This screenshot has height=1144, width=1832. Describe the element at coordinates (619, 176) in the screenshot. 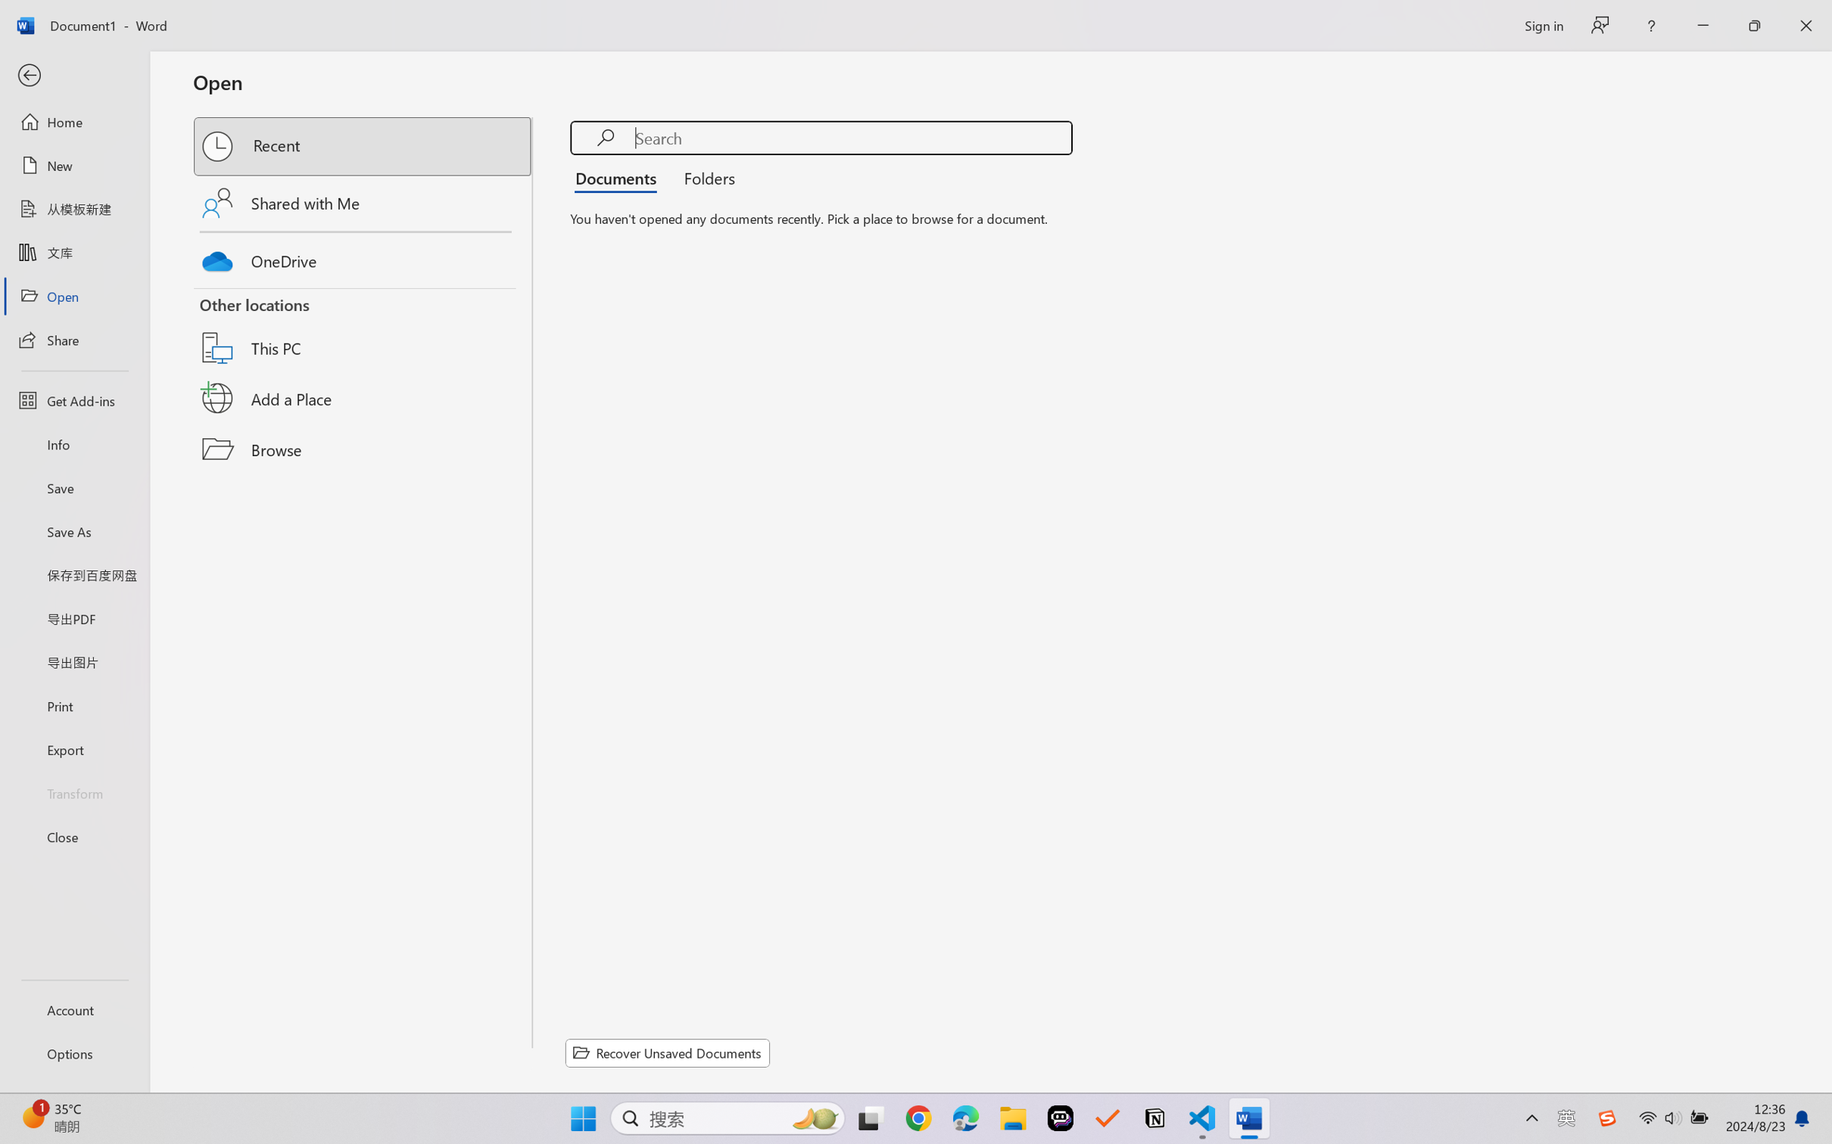

I see `'Documents'` at that location.